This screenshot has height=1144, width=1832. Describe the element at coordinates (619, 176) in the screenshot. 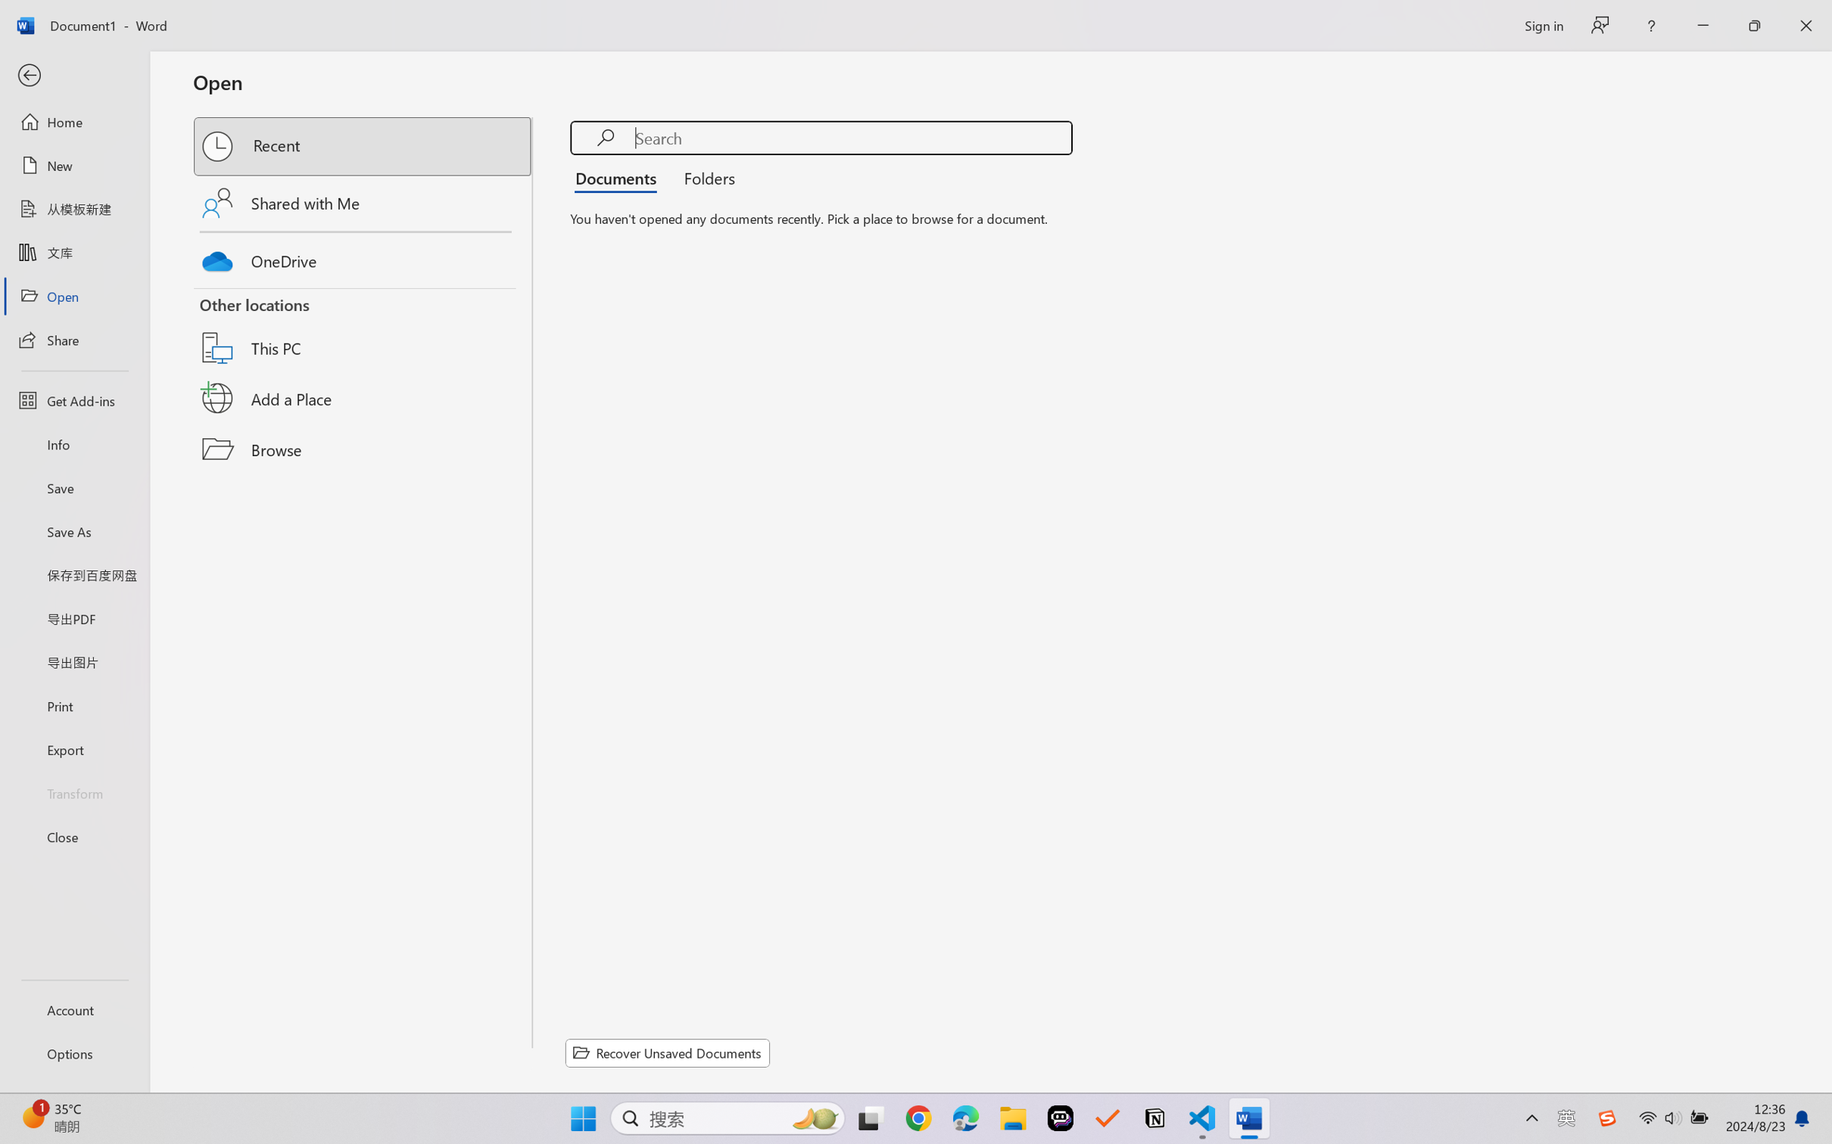

I see `'Documents'` at that location.